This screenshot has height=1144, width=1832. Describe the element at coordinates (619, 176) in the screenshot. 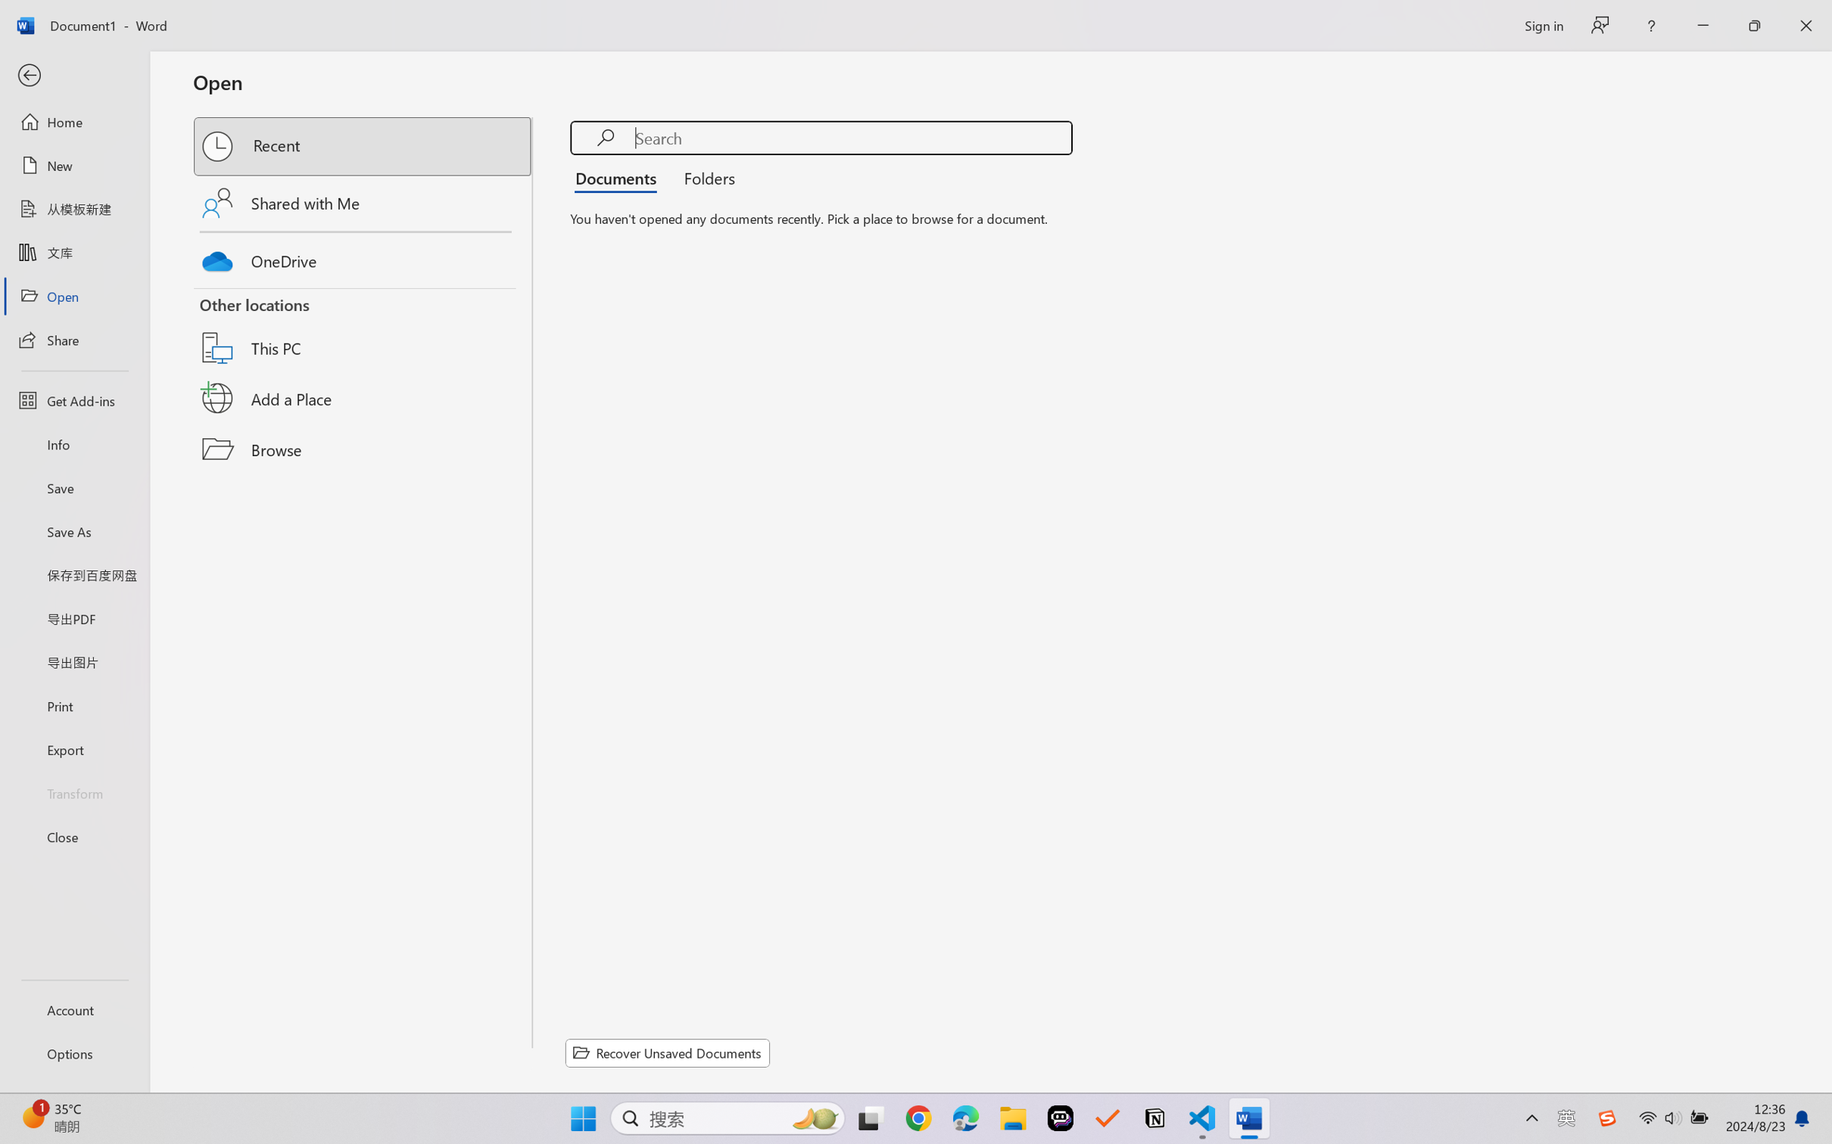

I see `'Documents'` at that location.